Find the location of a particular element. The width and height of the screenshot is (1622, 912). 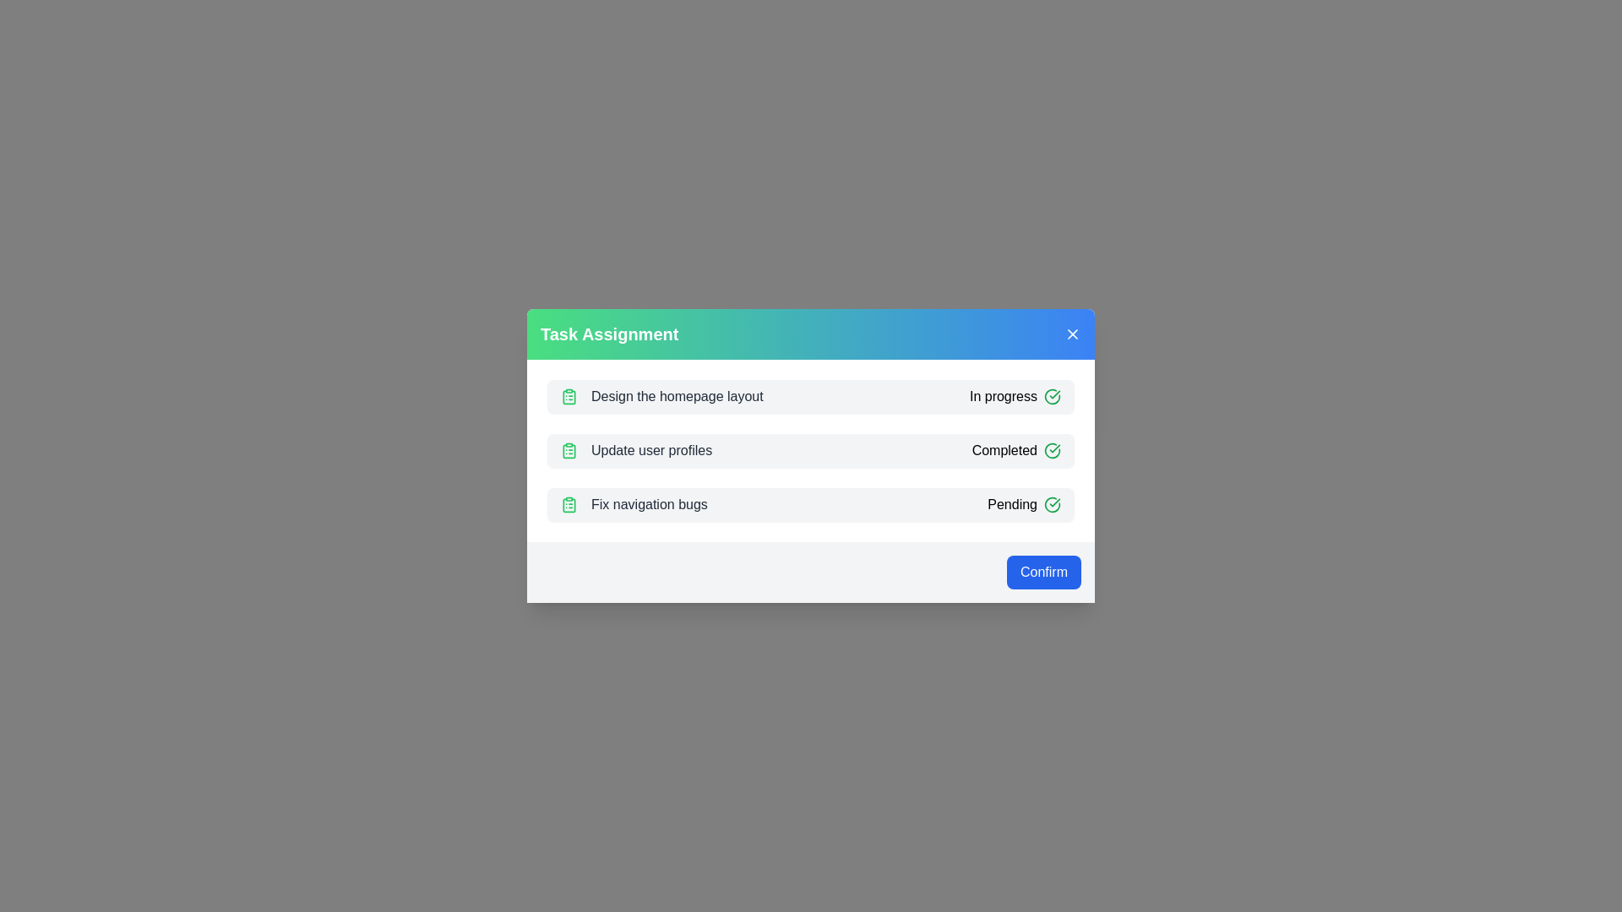

the text label displaying 'Update user profiles' is located at coordinates (635, 449).